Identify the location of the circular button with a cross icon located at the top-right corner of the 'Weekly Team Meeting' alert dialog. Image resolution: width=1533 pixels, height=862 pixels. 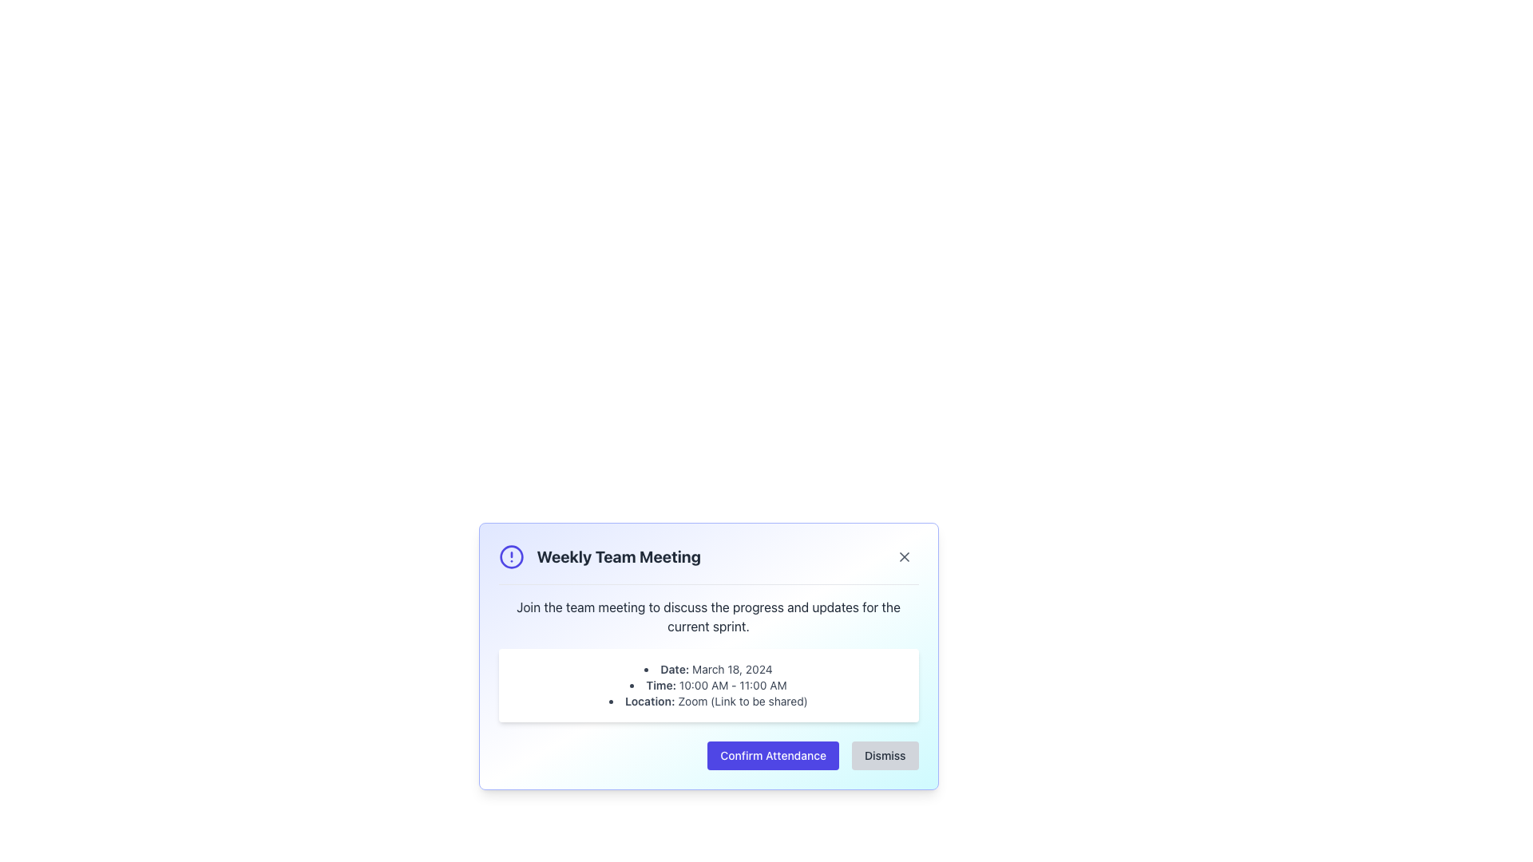
(904, 556).